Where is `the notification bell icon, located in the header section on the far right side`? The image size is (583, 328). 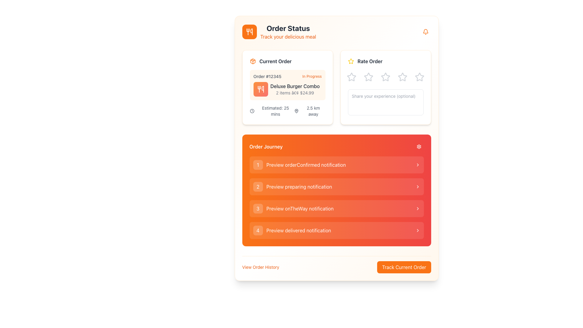
the notification bell icon, located in the header section on the far right side is located at coordinates (425, 32).